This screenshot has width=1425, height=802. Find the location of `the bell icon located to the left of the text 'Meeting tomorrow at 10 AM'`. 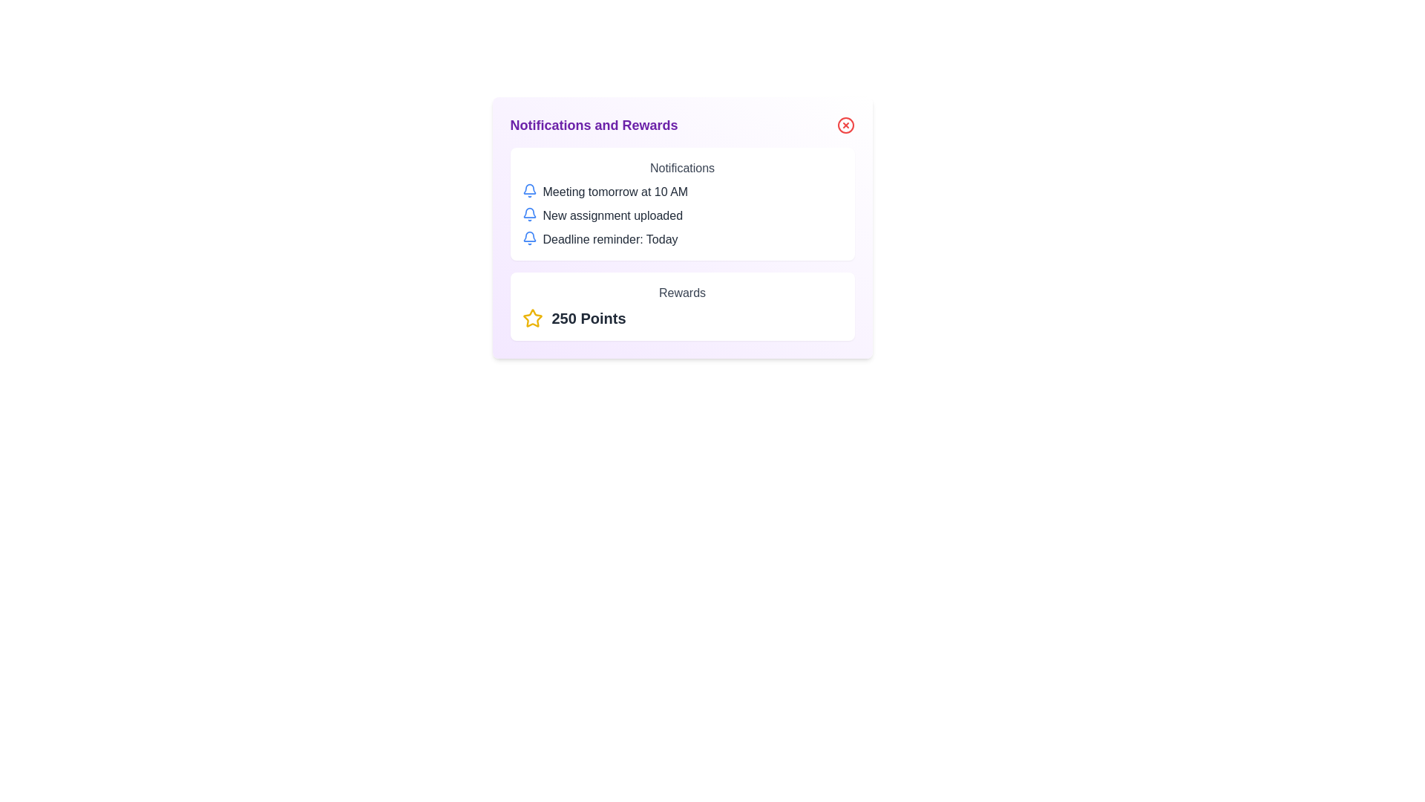

the bell icon located to the left of the text 'Meeting tomorrow at 10 AM' is located at coordinates (529, 190).